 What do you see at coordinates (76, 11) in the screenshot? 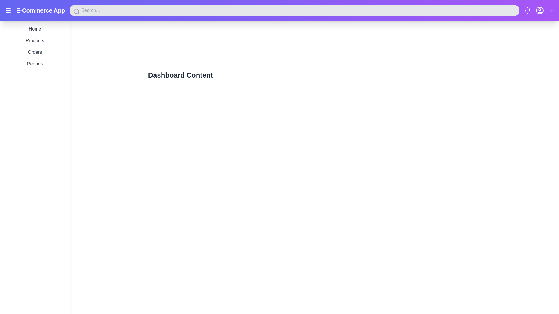
I see `the magnifying glass icon located on the leftmost side of the search bar` at bounding box center [76, 11].